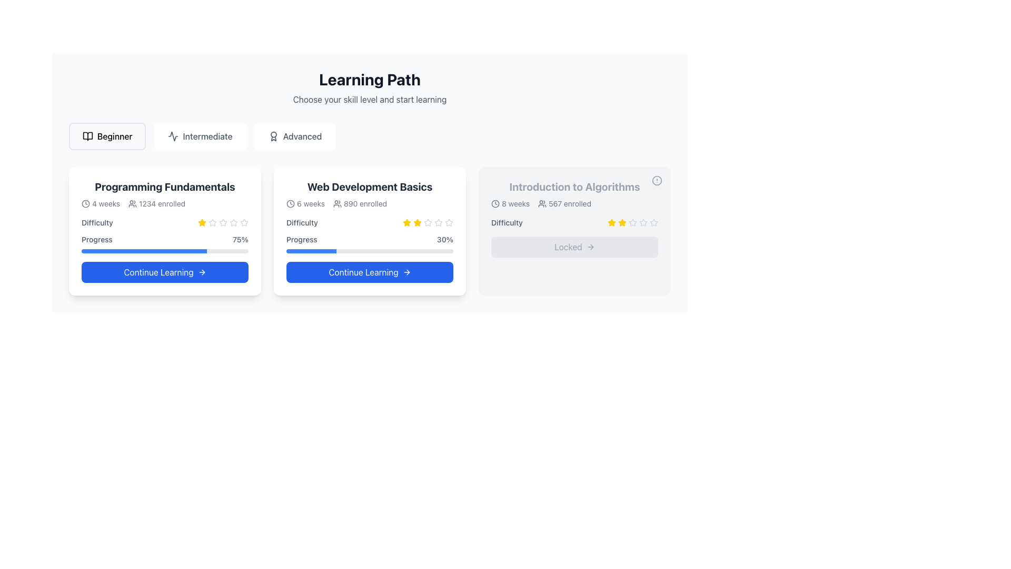  Describe the element at coordinates (164, 235) in the screenshot. I see `the course progress indicator below the title 'Programming Fundamentals'` at that location.